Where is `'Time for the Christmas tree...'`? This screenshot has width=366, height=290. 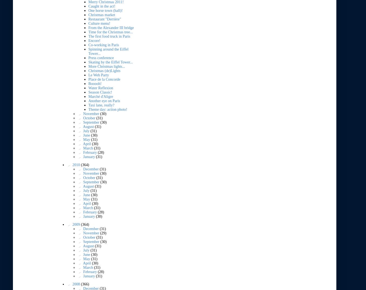 'Time for the Christmas tree...' is located at coordinates (110, 32).